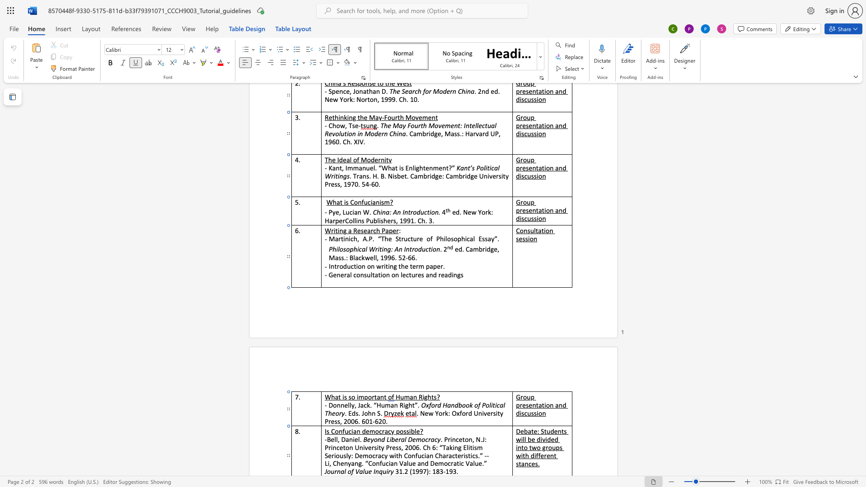 This screenshot has width=866, height=487. I want to click on the space between the continuous character "o" and "f" in the text, so click(350, 471).